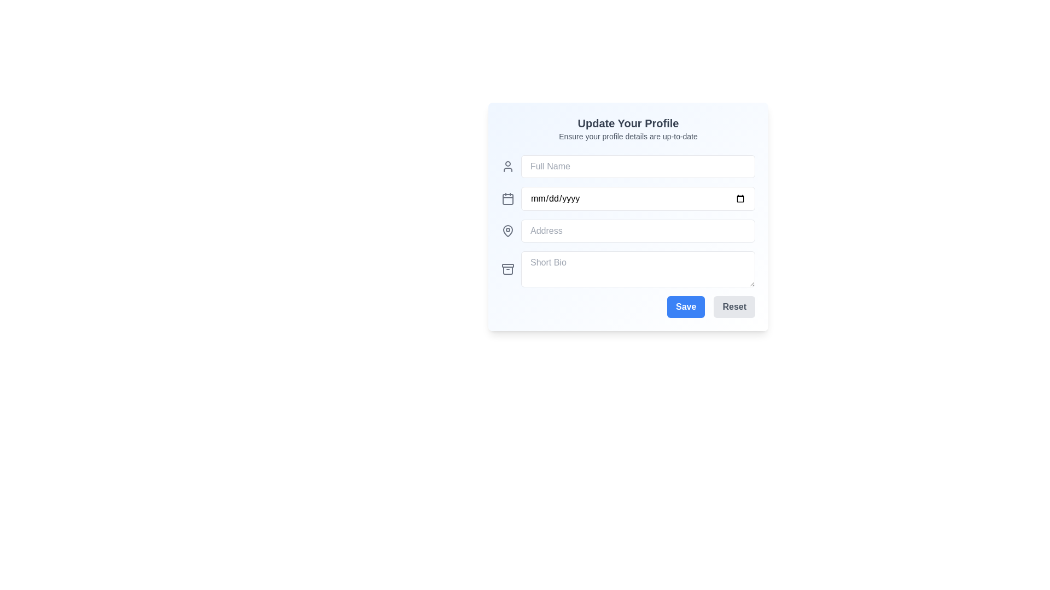  What do you see at coordinates (507, 270) in the screenshot?
I see `the decorative icon located at the bottom of the vertical stack of icons on the left side of the form` at bounding box center [507, 270].